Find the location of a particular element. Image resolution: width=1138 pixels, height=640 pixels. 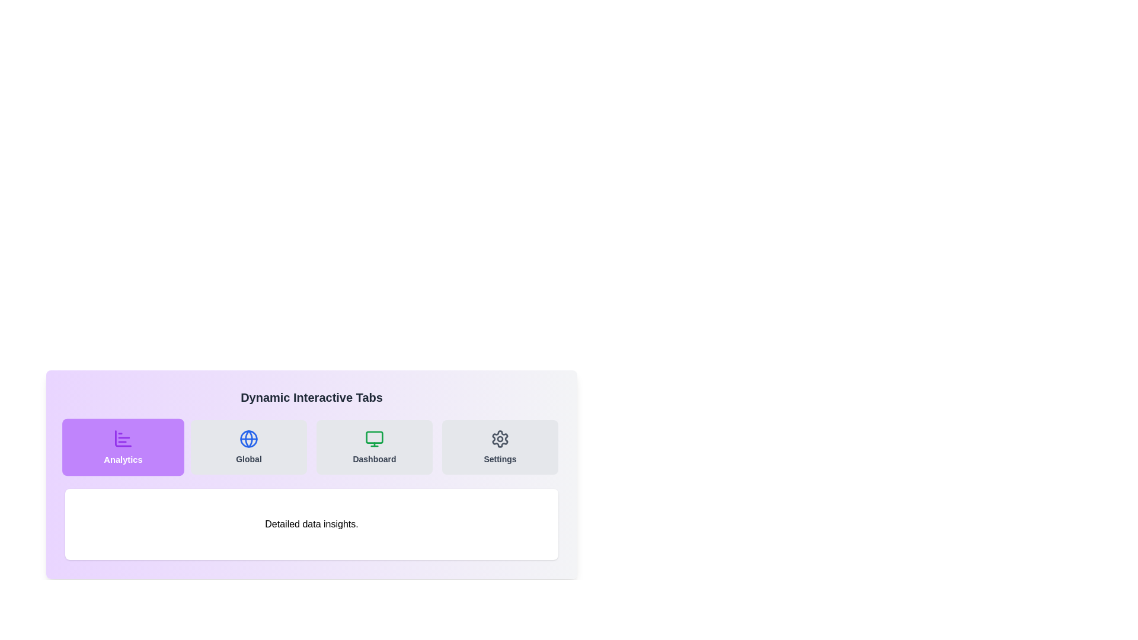

the 'Settings' text label, which is styled in a small, bold font and located below a gear-like icon on the fourth card in a row of similar cards is located at coordinates (500, 459).